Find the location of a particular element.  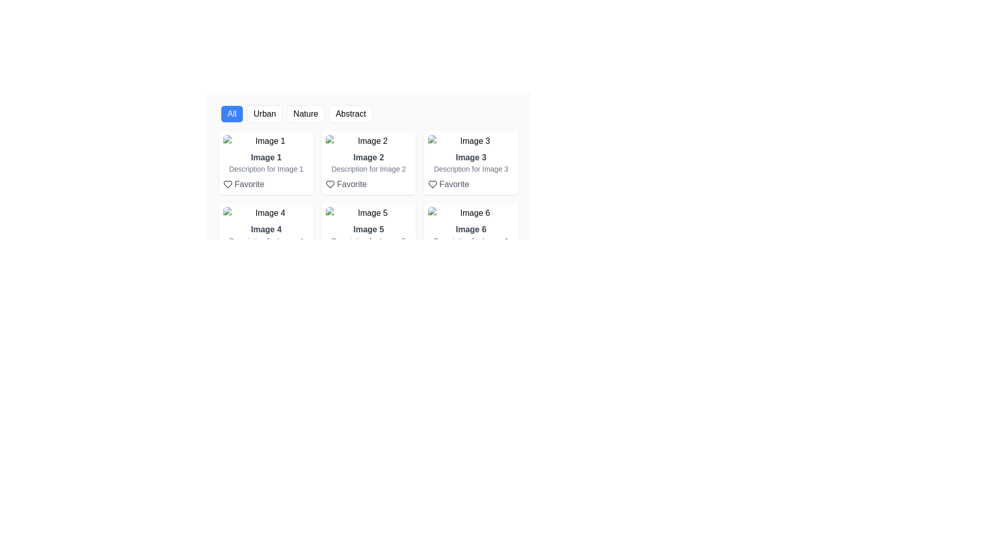

the 'Nature' button, which is the third button in a horizontal row of buttons, to apply the 'Nature' filter and update the displayed content is located at coordinates (305, 114).